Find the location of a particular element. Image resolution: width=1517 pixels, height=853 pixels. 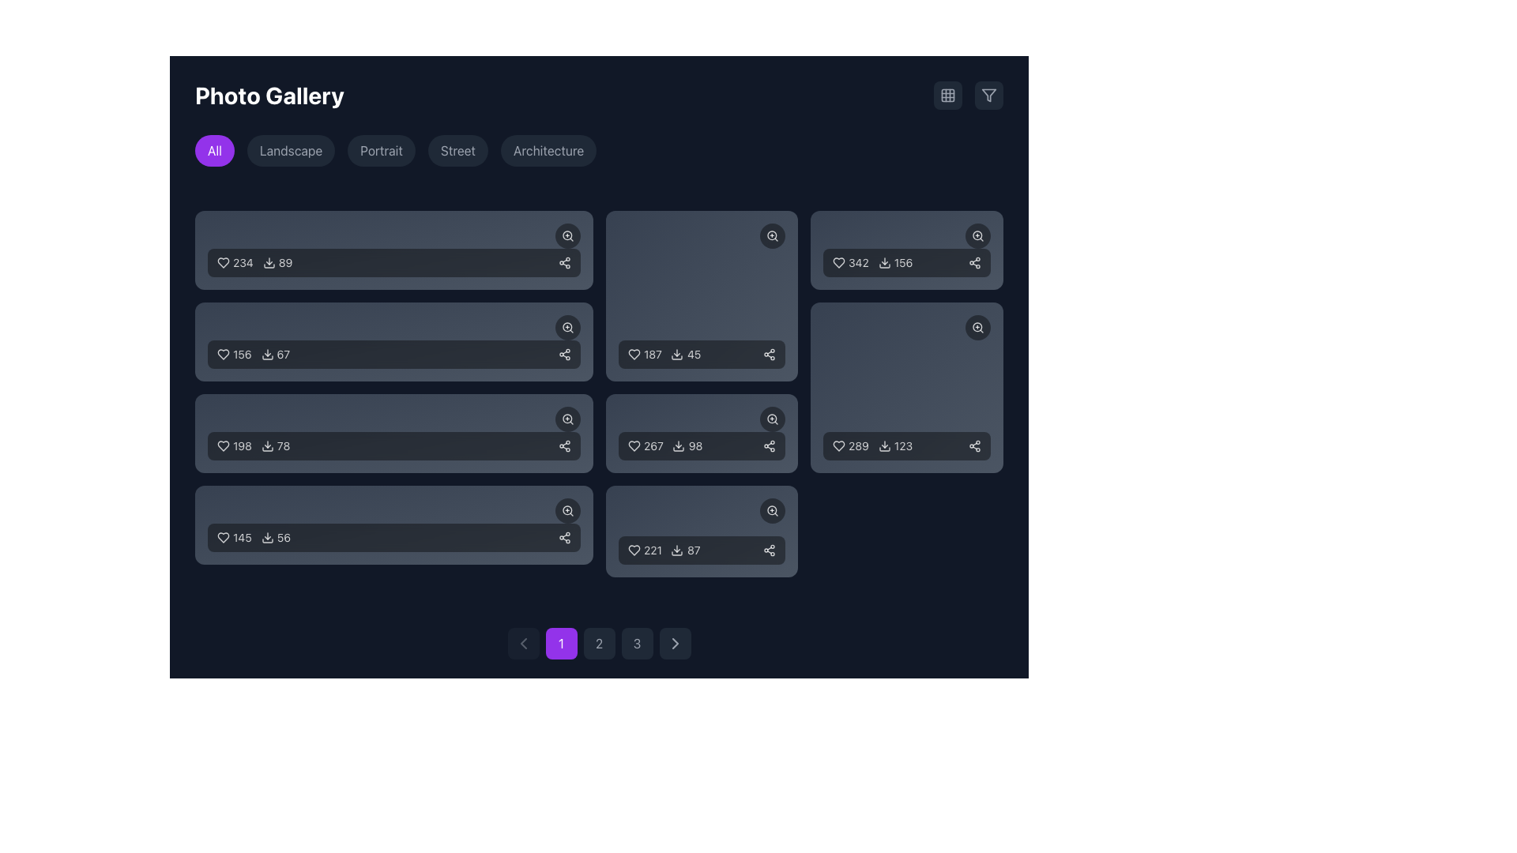

the share icon on the Card with interactive elements located in the second row and fourth column of the grid layout to share the item is located at coordinates (701, 433).